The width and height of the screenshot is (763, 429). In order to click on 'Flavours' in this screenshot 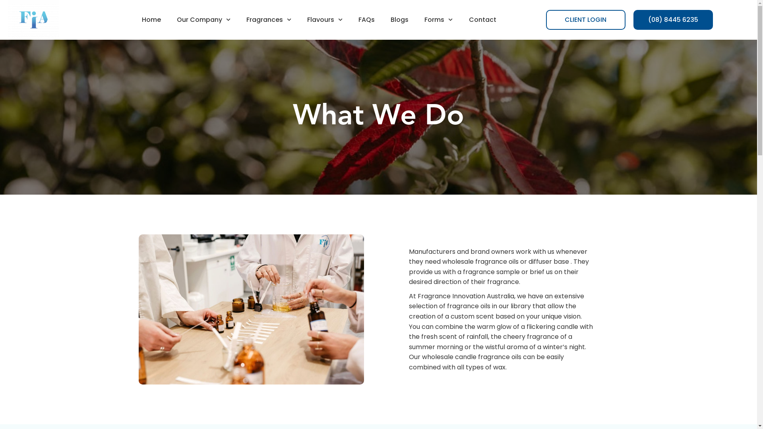, I will do `click(325, 19)`.